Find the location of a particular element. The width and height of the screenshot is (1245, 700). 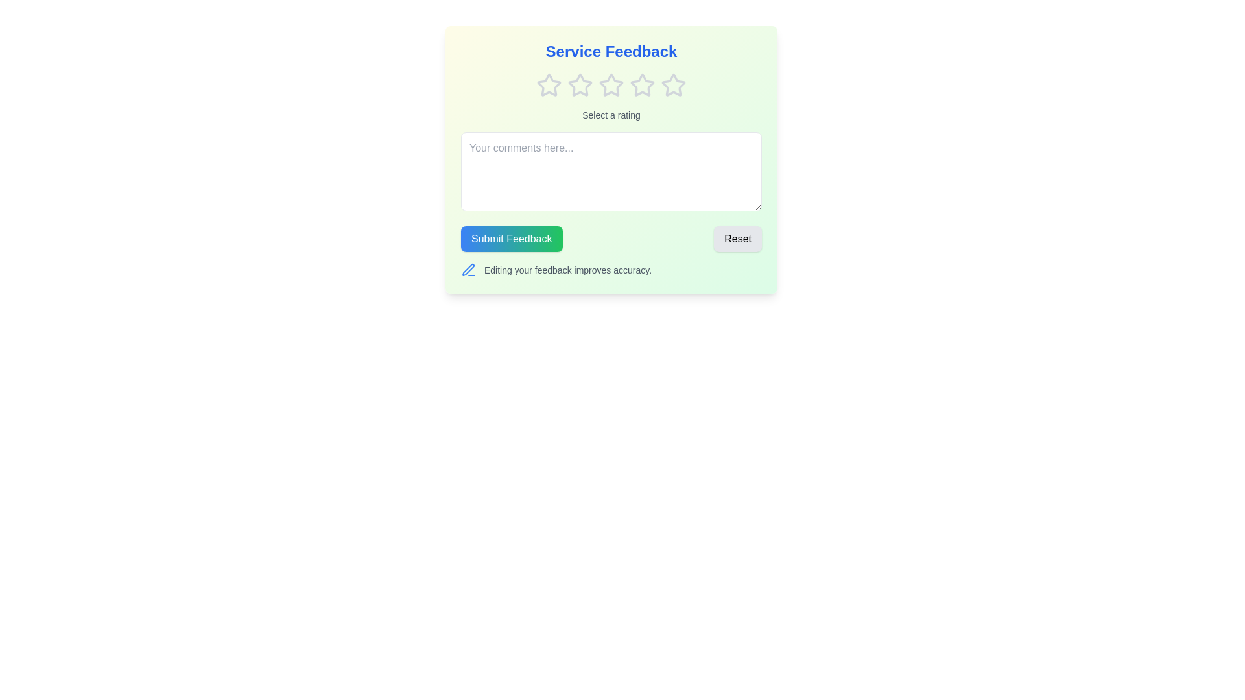

the Text label that provides guidance for enhancing feedback accuracy, located at the bottom-left of the feedback form next to a blue pen icon is located at coordinates (568, 269).